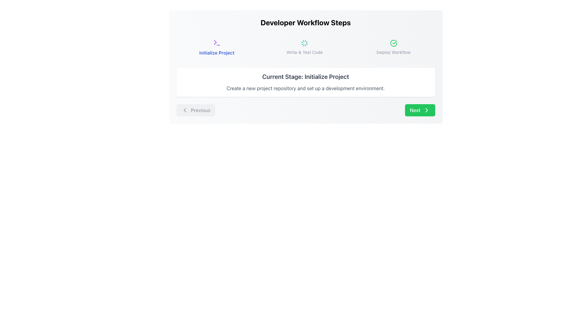 The height and width of the screenshot is (329, 586). What do you see at coordinates (420, 110) in the screenshot?
I see `the green 'Next' button with white text and a right-pointing arrow icon to proceed to the next step` at bounding box center [420, 110].